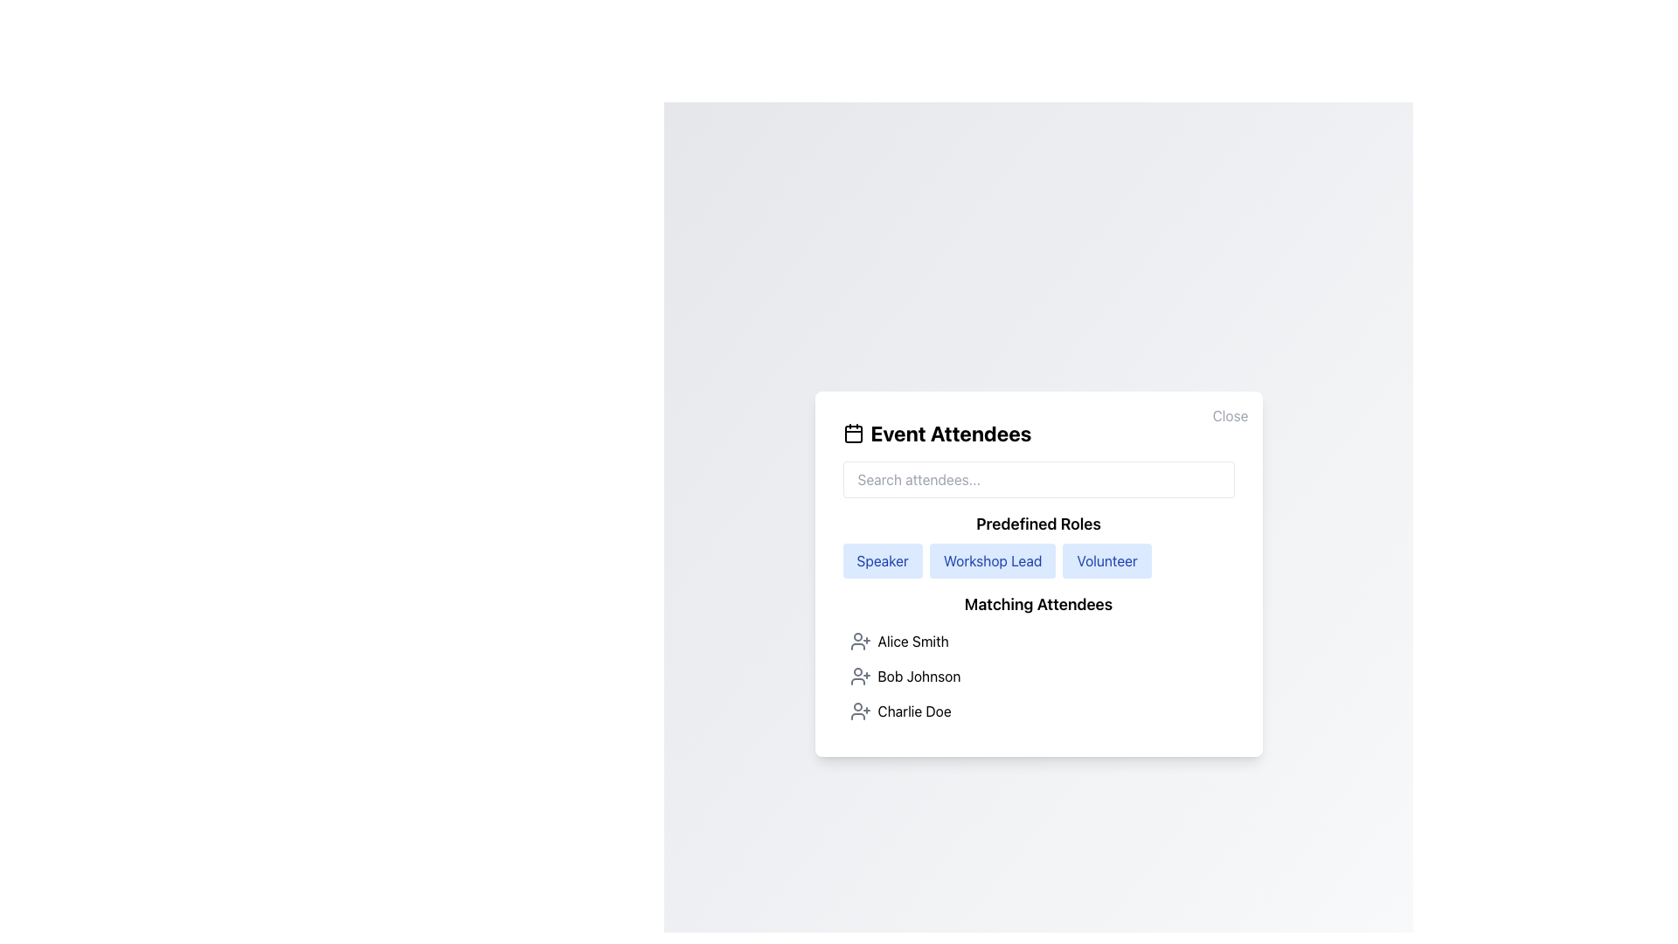 This screenshot has width=1678, height=944. What do you see at coordinates (1038, 603) in the screenshot?
I see `the bold text label 'Matching Attendees' that is centrally located within the card interface, positioned above the list of attendee names` at bounding box center [1038, 603].